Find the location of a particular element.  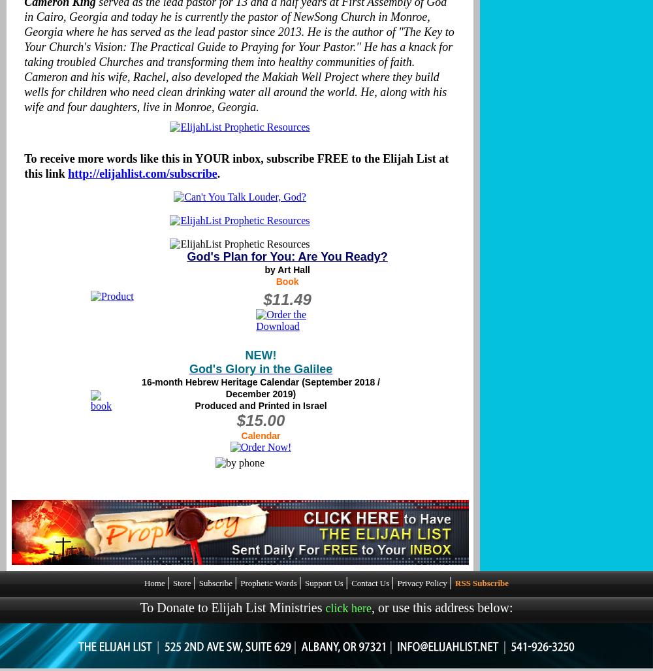

'Privacy Policy' is located at coordinates (423, 582).